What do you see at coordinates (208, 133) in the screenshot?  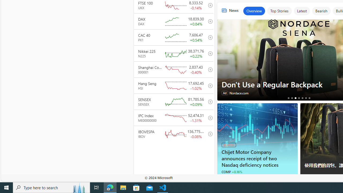 I see `'add to your watchlist'` at bounding box center [208, 133].